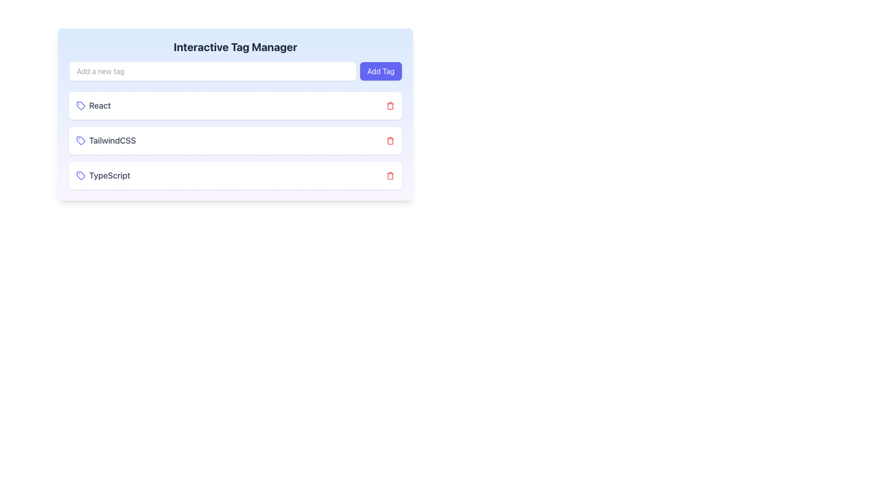  What do you see at coordinates (390, 140) in the screenshot?
I see `the red trash bin icon button, which is located on the right side of the 'TailwindCSS' entry in a vertical list of tags, to trigger interactivity cues` at bounding box center [390, 140].